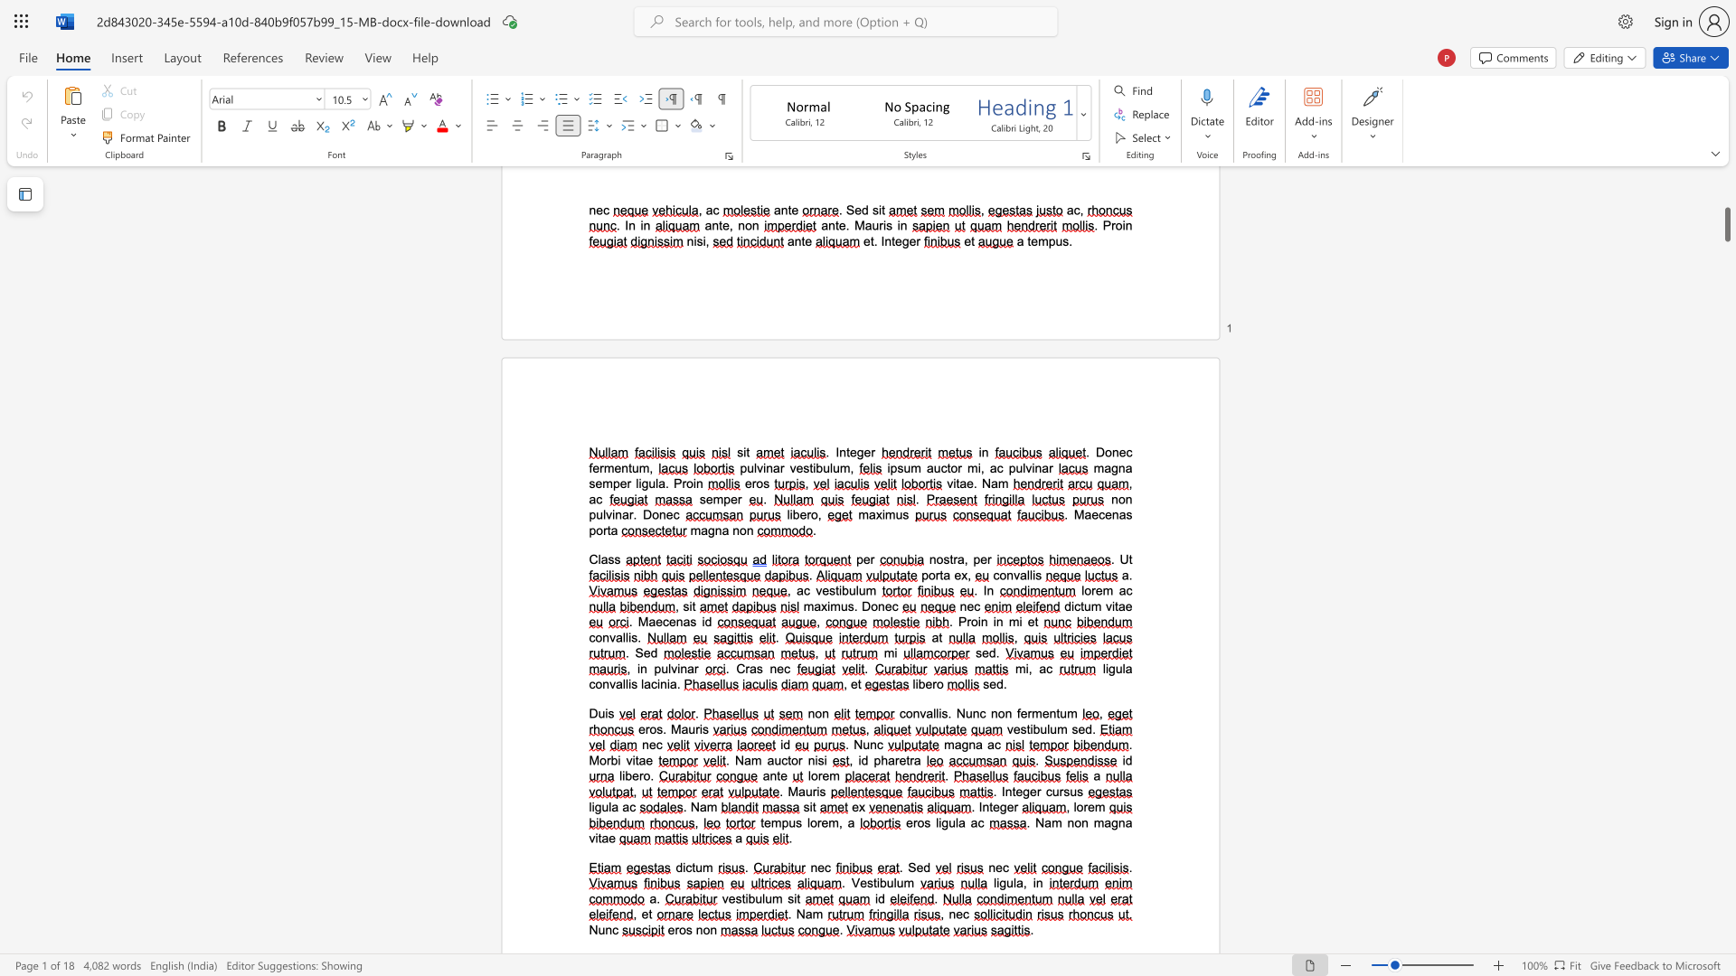 The width and height of the screenshot is (1736, 976). Describe the element at coordinates (658, 727) in the screenshot. I see `the 1th character "s" in the text` at that location.